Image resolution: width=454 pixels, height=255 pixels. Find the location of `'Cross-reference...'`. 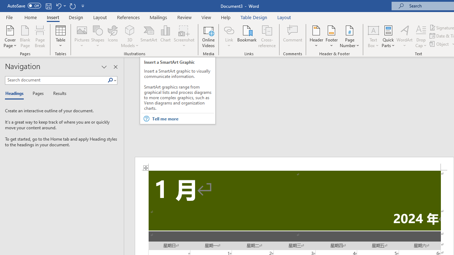

'Cross-reference...' is located at coordinates (266, 36).